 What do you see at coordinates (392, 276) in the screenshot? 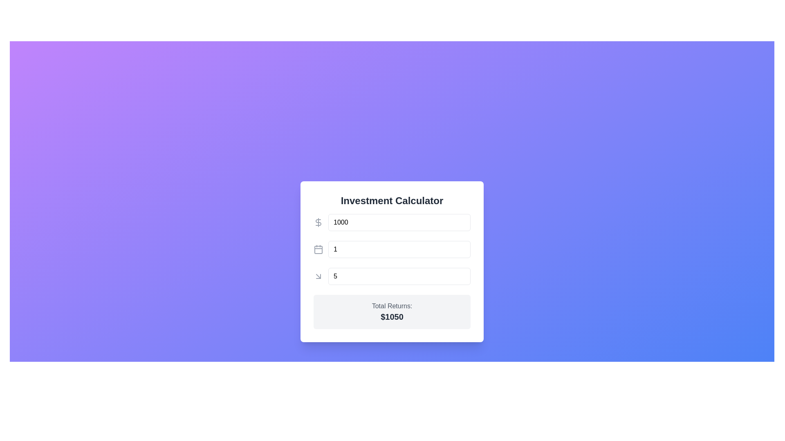
I see `the numeric input field for the interest rate percentage, which is the third input field in the calculator form, to focus on it` at bounding box center [392, 276].